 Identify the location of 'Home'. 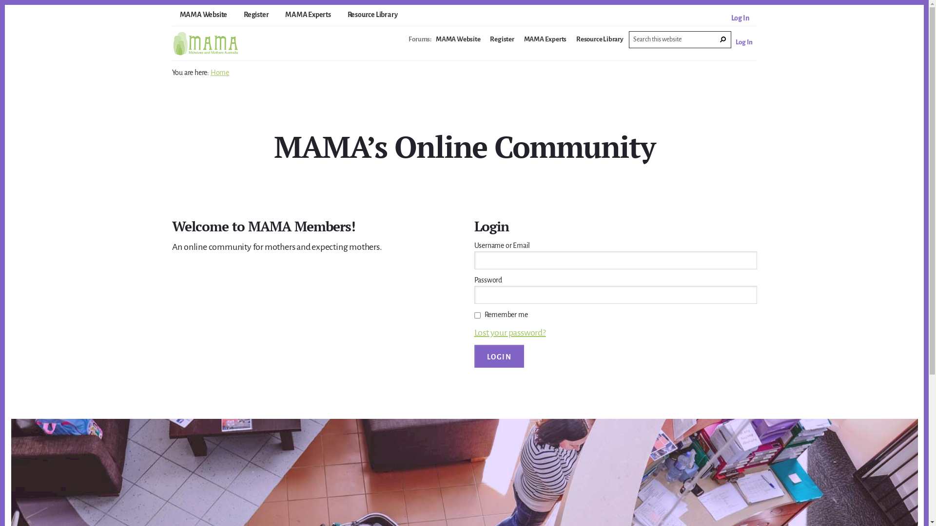
(219, 72).